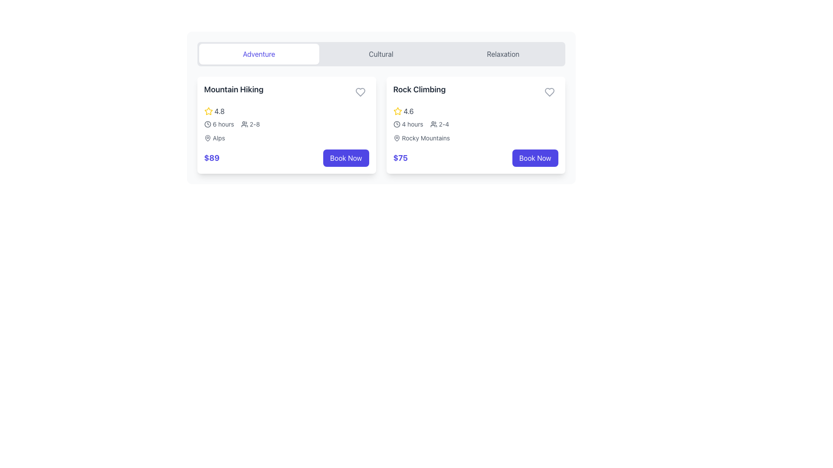 This screenshot has height=468, width=833. What do you see at coordinates (381, 54) in the screenshot?
I see `the 'Cultural' activities button, which is the second button in a horizontal row of three buttons, located between the 'Adventure' and 'Relaxation' buttons` at bounding box center [381, 54].